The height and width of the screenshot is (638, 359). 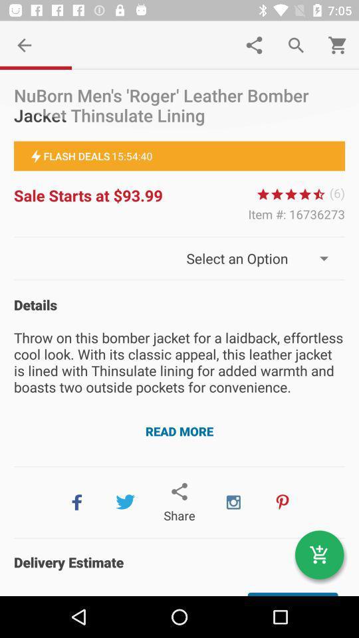 What do you see at coordinates (318, 555) in the screenshot?
I see `the cart icon` at bounding box center [318, 555].